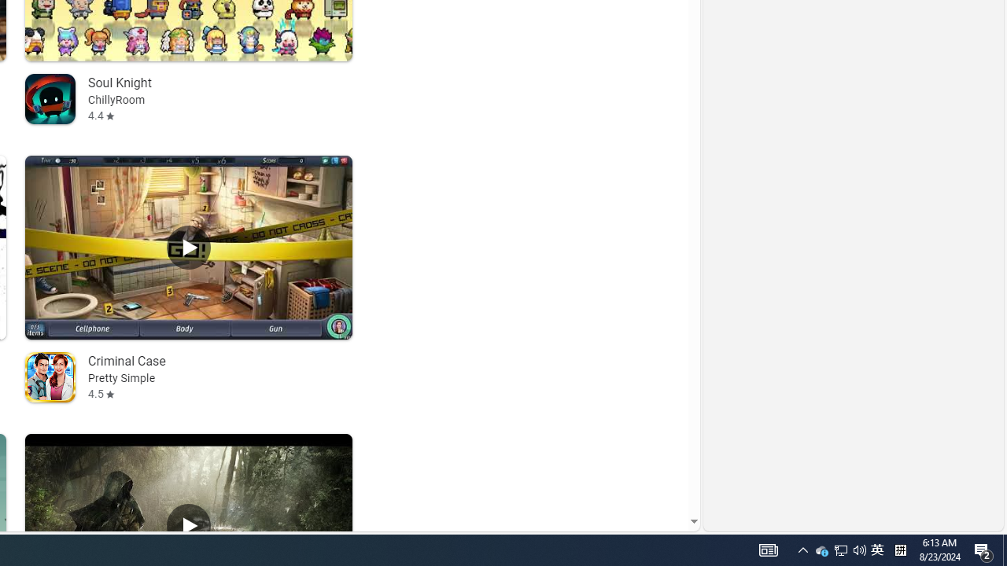 The image size is (1007, 566). What do you see at coordinates (189, 248) in the screenshot?
I see `'Play Criminal Case'` at bounding box center [189, 248].